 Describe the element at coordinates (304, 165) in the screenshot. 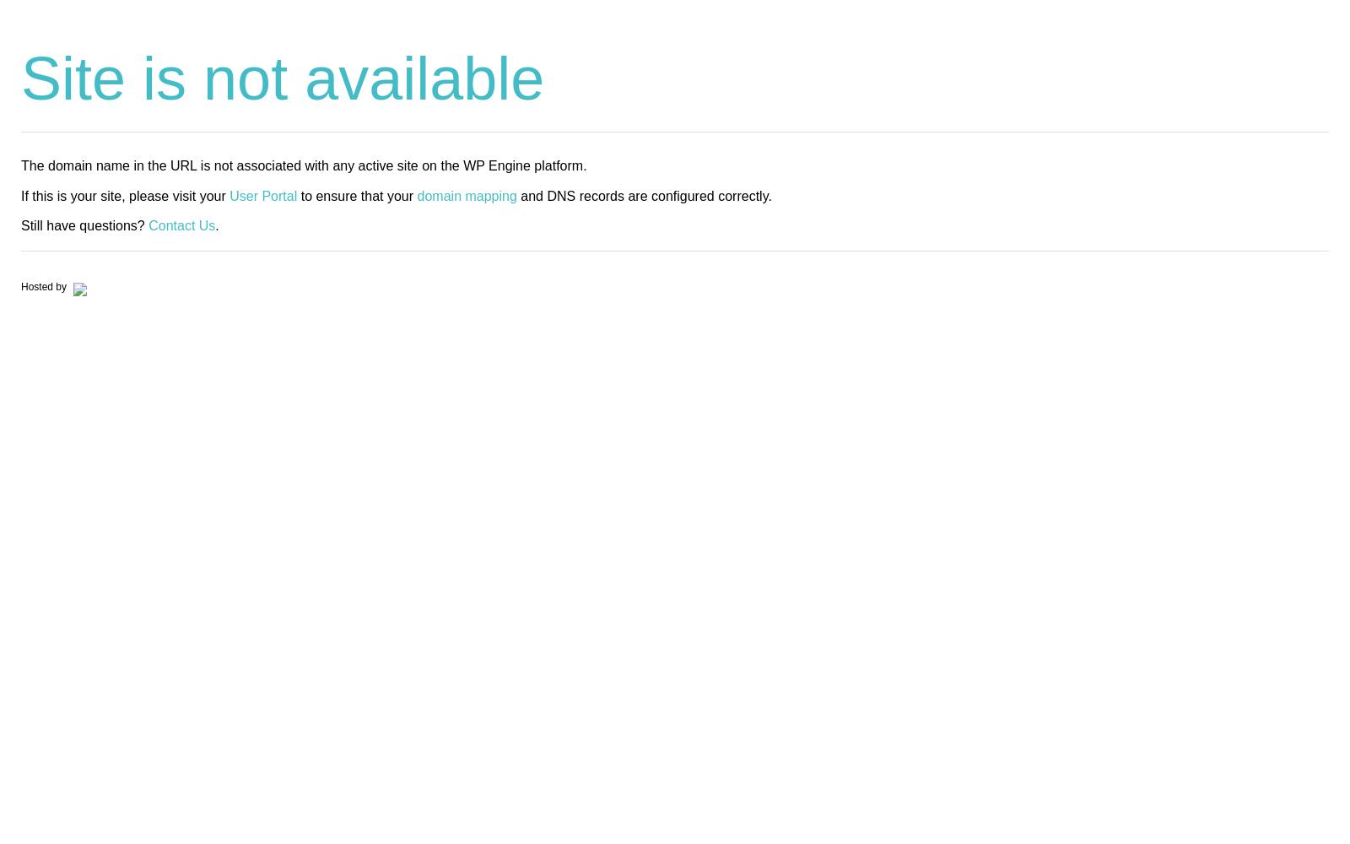

I see `'The domain name in the URL is not associated with any active site on the WP Engine platform.'` at that location.